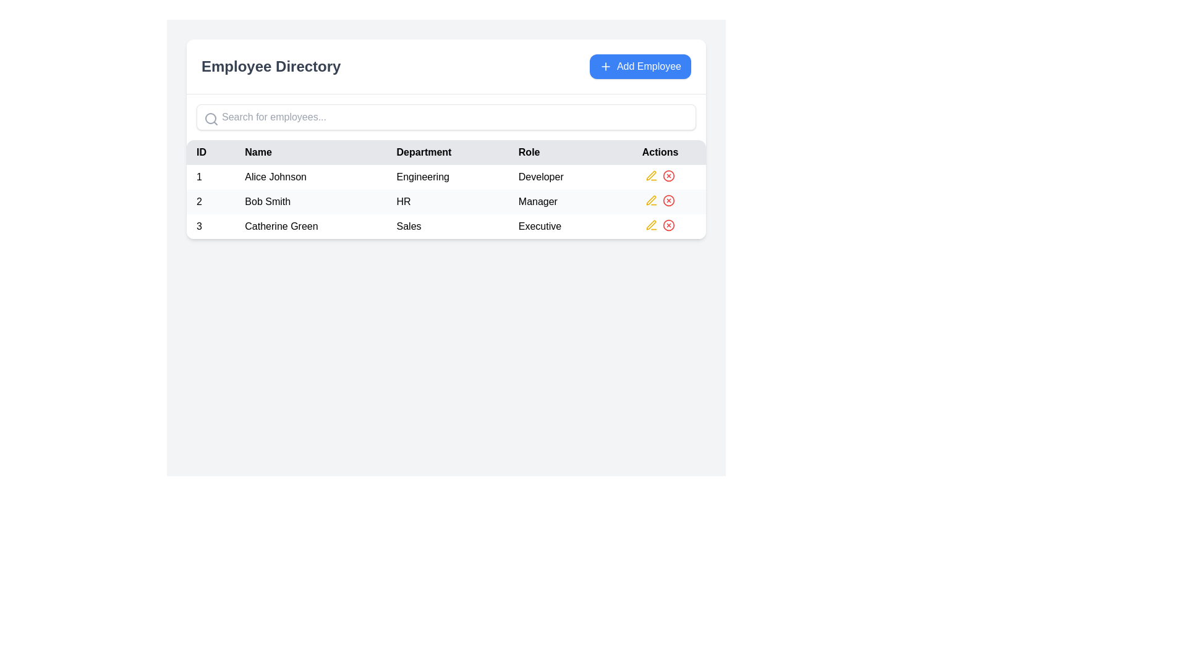 This screenshot has width=1187, height=667. What do you see at coordinates (649, 67) in the screenshot?
I see `the 'Add Employee' text label within the button that has a plus icon on its left, located in the upper-right corner of the interface` at bounding box center [649, 67].